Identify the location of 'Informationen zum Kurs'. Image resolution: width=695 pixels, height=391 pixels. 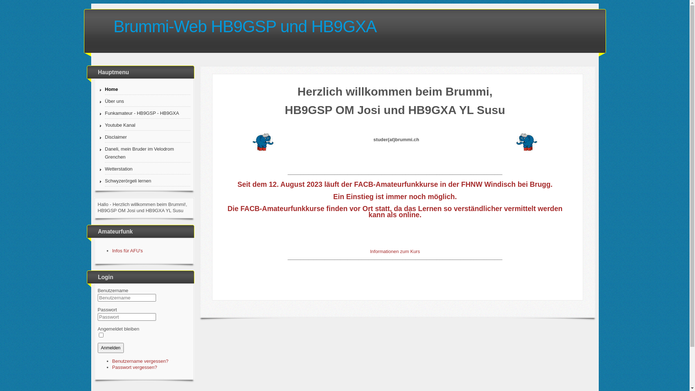
(370, 251).